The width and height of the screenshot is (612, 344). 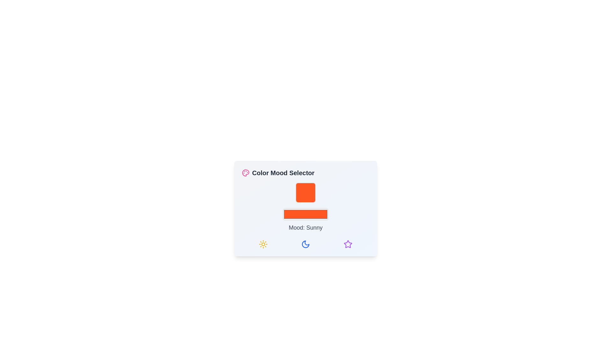 What do you see at coordinates (305, 244) in the screenshot?
I see `the group of selectable icons representing mood or theme options, which includes a yellow sun, a blue moon, and a purple star, located below the text 'Mood: Sunny'` at bounding box center [305, 244].